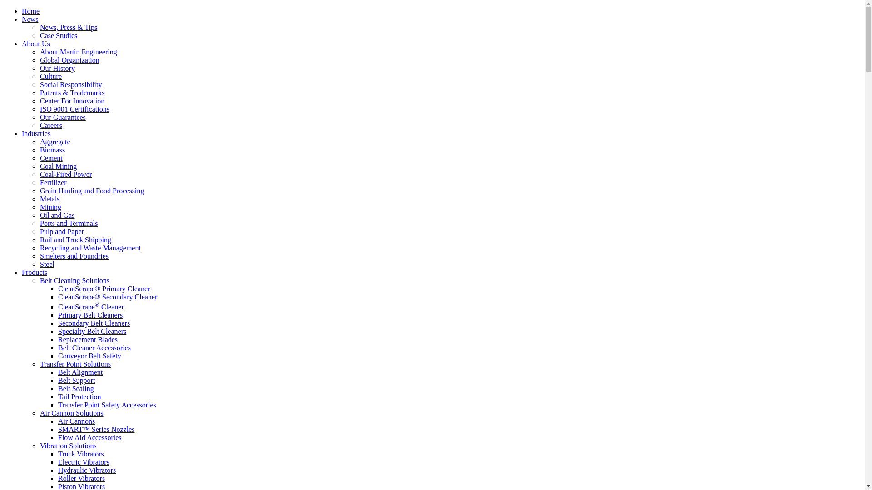 The width and height of the screenshot is (872, 490). Describe the element at coordinates (90, 248) in the screenshot. I see `'Recycling and Waste Management'` at that location.